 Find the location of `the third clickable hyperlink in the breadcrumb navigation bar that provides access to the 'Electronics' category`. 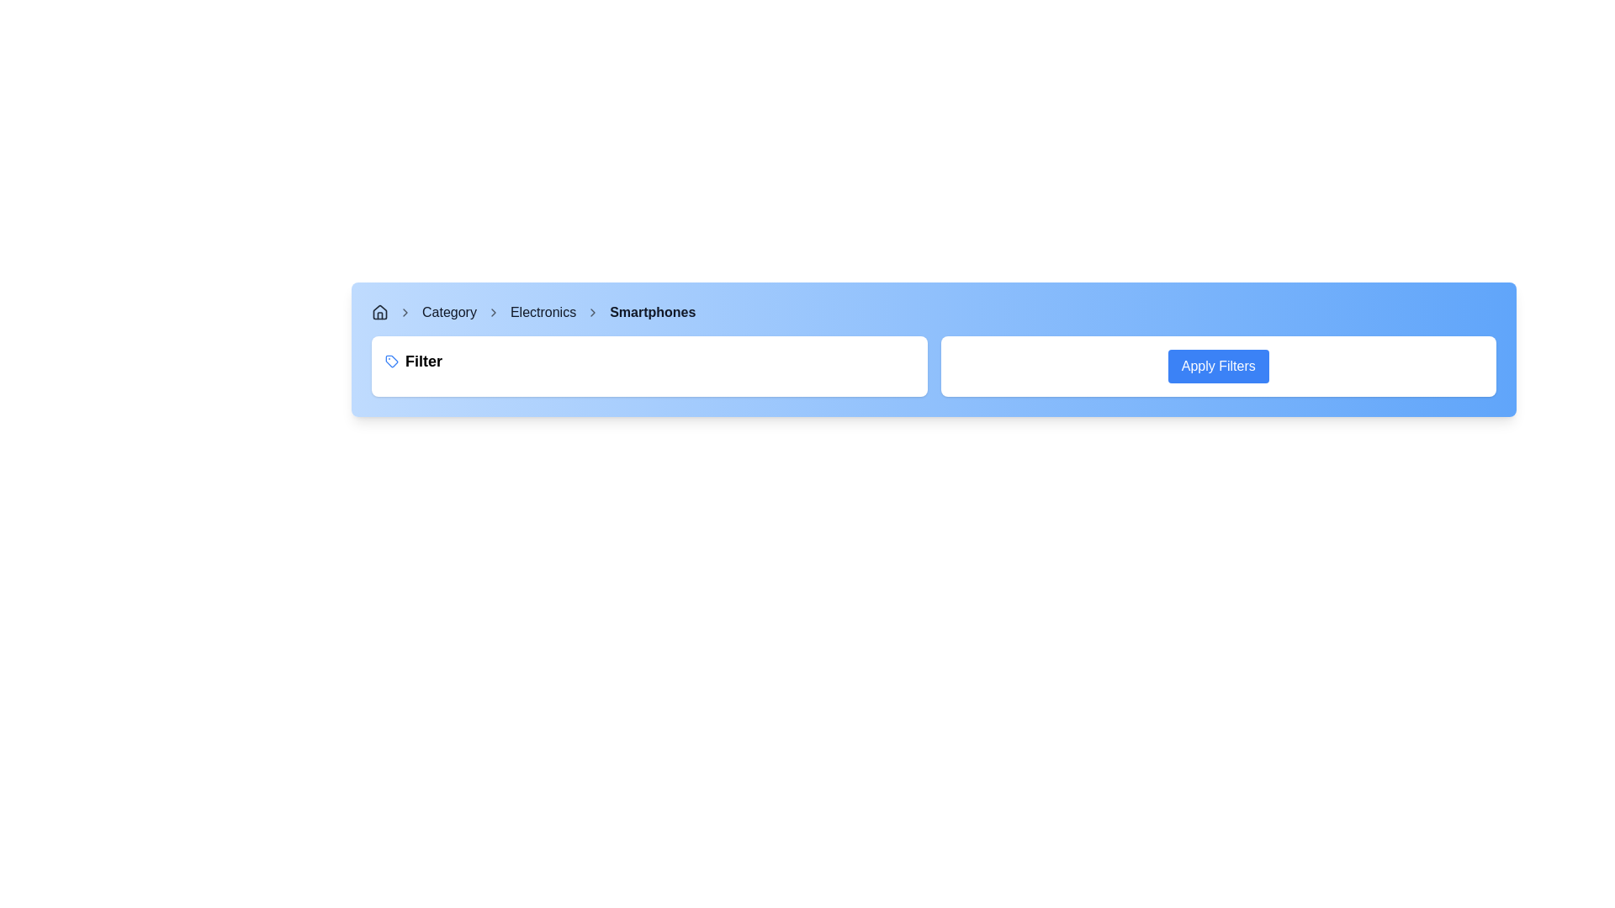

the third clickable hyperlink in the breadcrumb navigation bar that provides access to the 'Electronics' category is located at coordinates (543, 312).